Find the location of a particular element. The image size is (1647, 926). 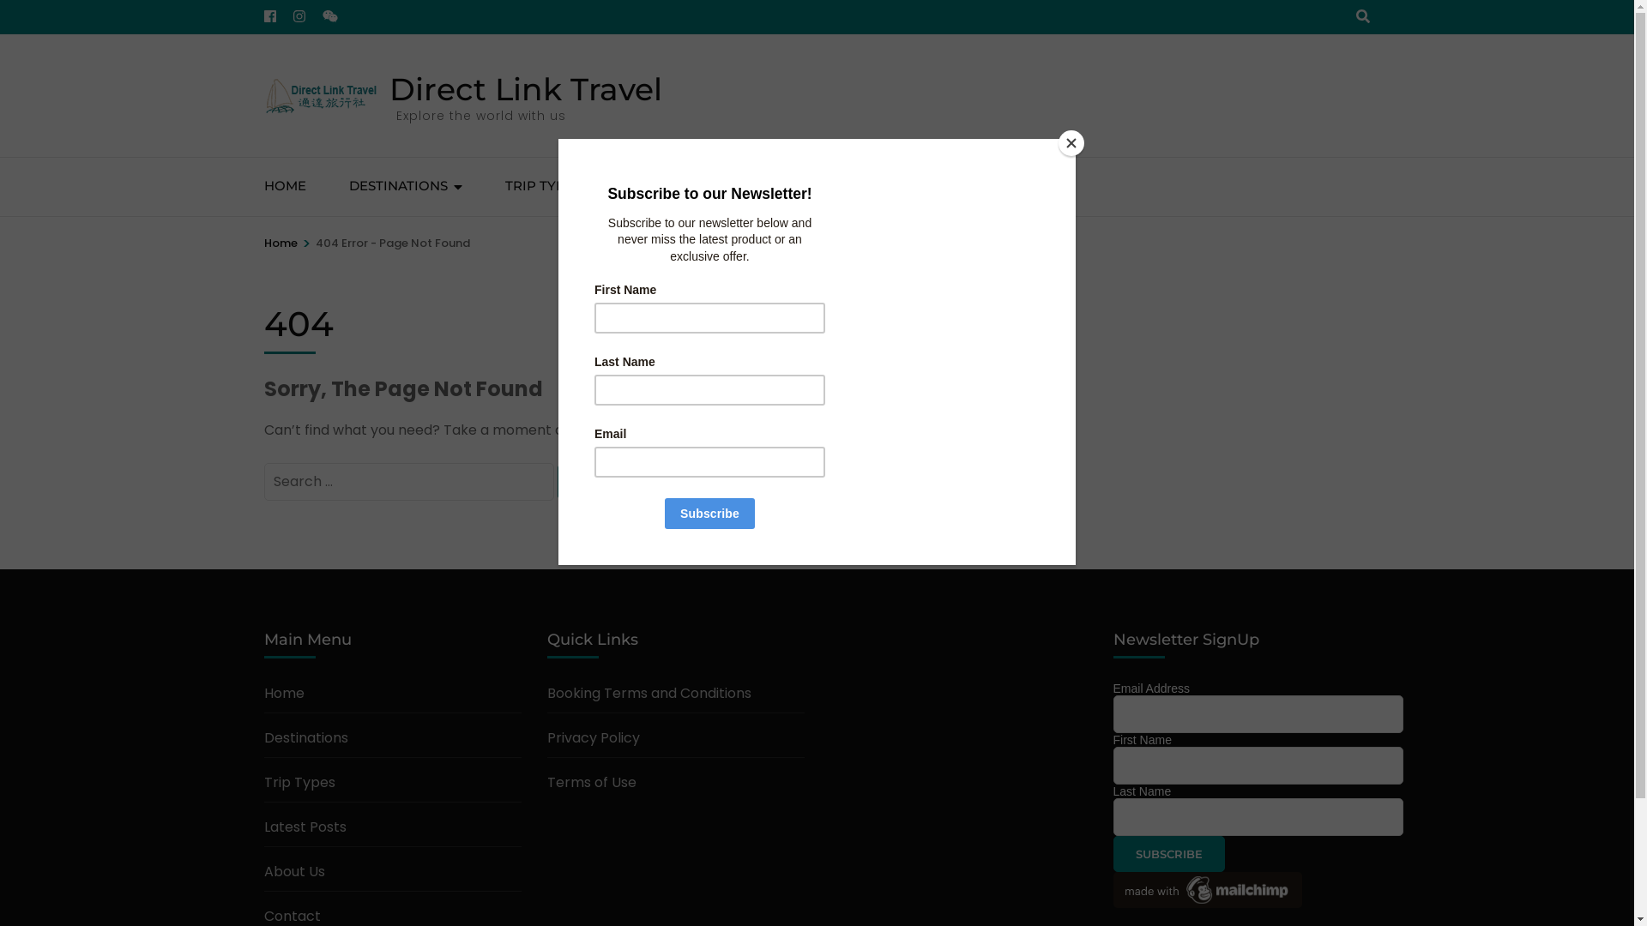

'CONTACT' is located at coordinates (945, 187).